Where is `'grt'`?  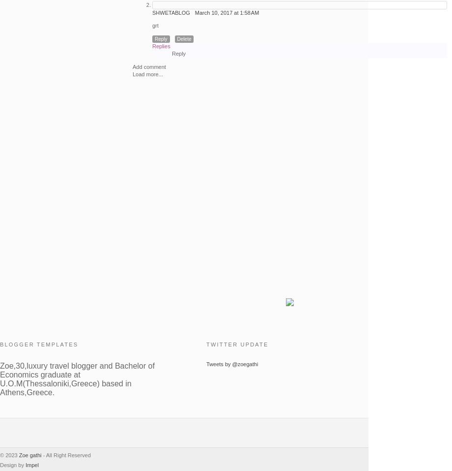
'grt' is located at coordinates (152, 25).